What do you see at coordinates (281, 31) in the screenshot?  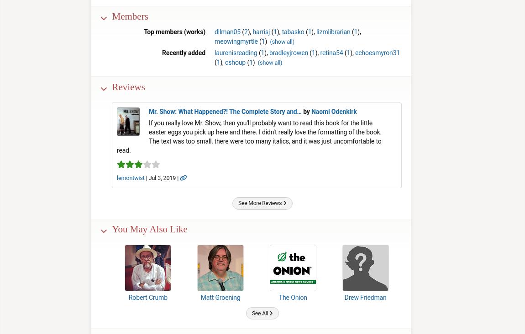 I see `'tabasko'` at bounding box center [281, 31].